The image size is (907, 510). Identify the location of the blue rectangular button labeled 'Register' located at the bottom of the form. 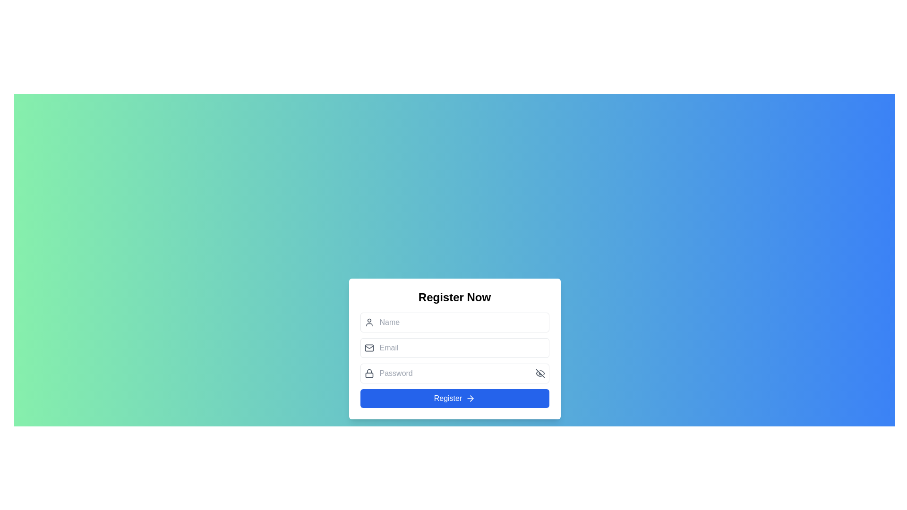
(454, 399).